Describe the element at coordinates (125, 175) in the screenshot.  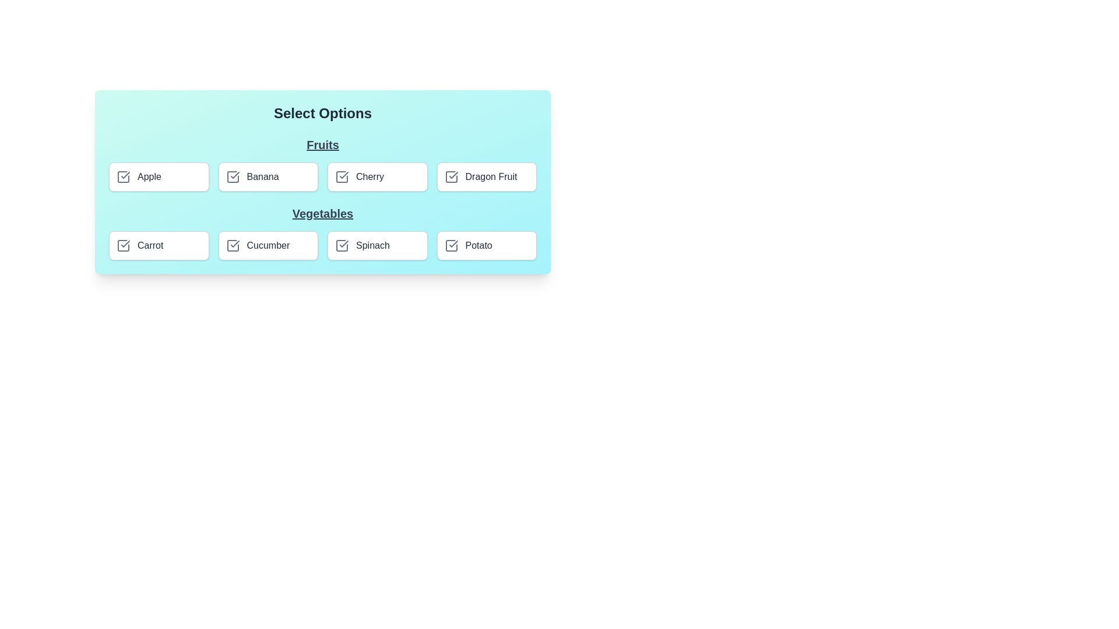
I see `the checkmark icon within the Apple checkbox in the Fruits section, which is styled with thin strokes and a gray color scheme` at that location.